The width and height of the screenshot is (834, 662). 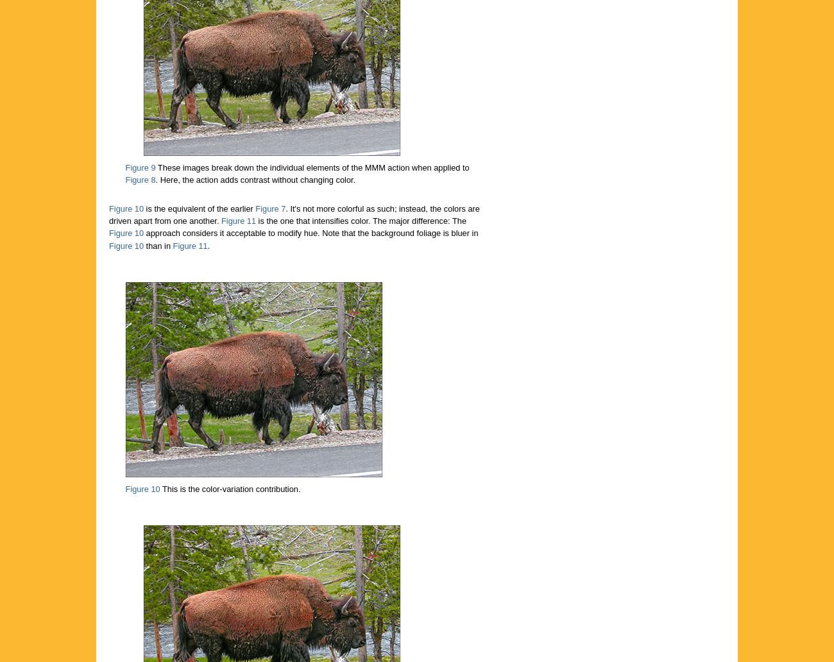 What do you see at coordinates (255, 180) in the screenshot?
I see `'. Here, the action adds contrast without changing color.'` at bounding box center [255, 180].